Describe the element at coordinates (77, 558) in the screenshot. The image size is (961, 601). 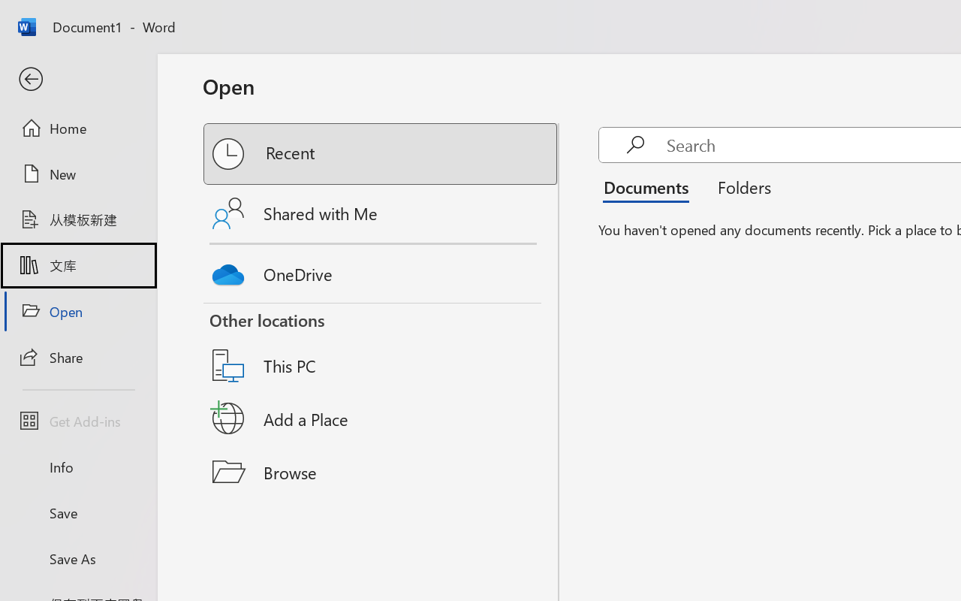
I see `'Save As'` at that location.